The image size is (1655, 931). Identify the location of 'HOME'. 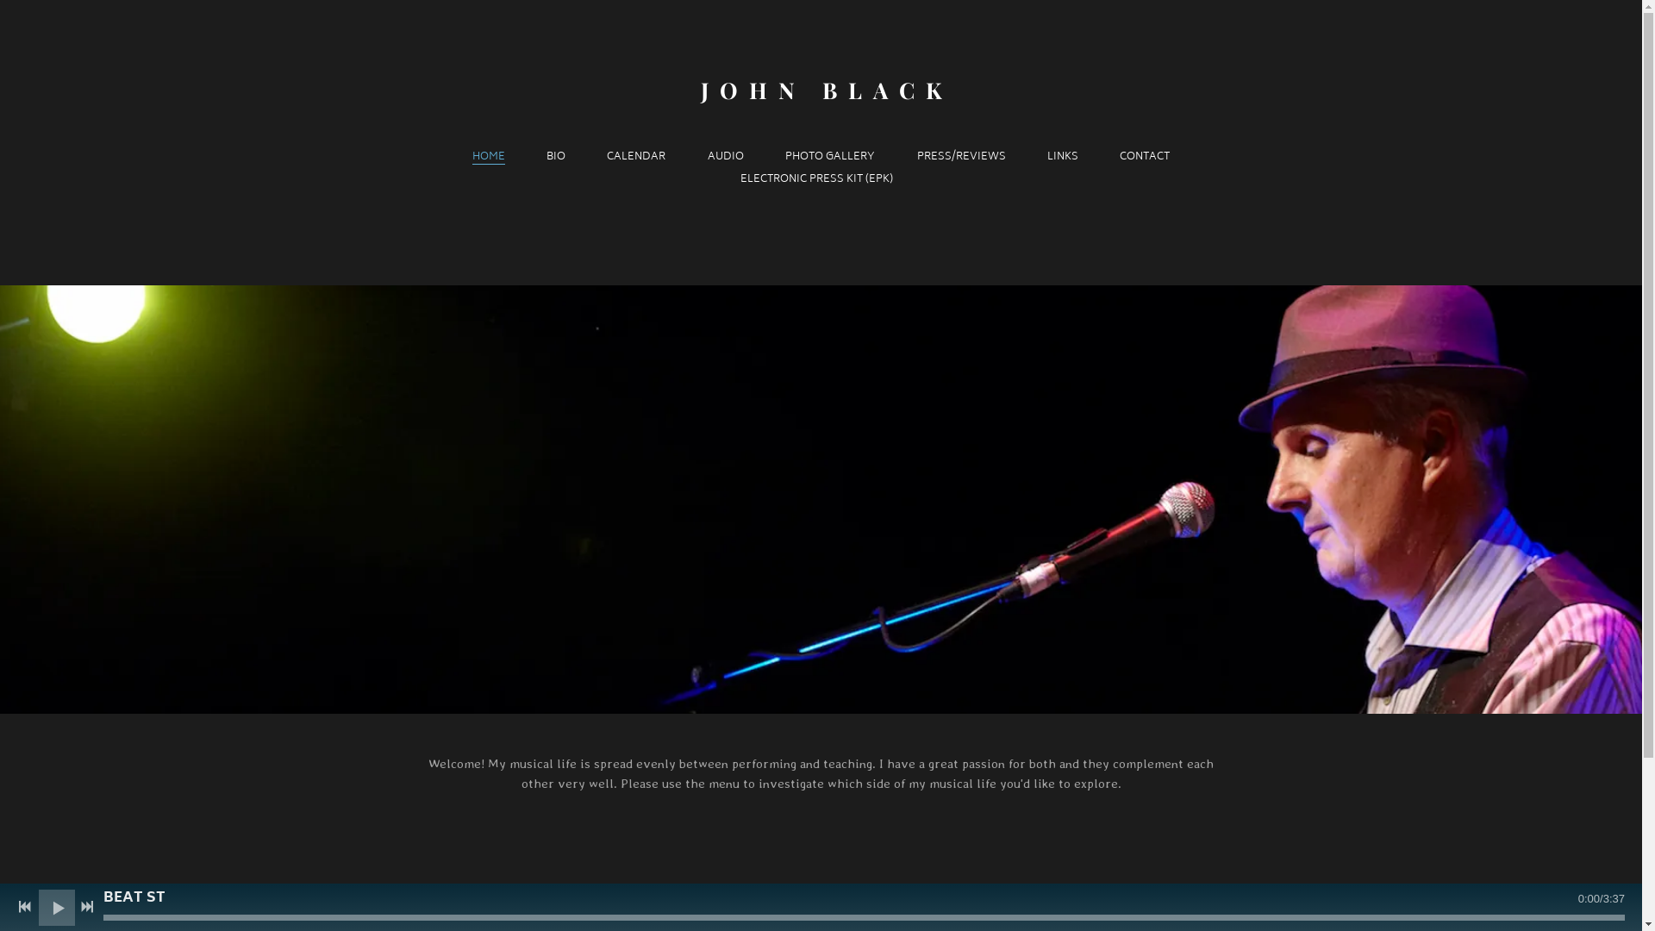
(487, 157).